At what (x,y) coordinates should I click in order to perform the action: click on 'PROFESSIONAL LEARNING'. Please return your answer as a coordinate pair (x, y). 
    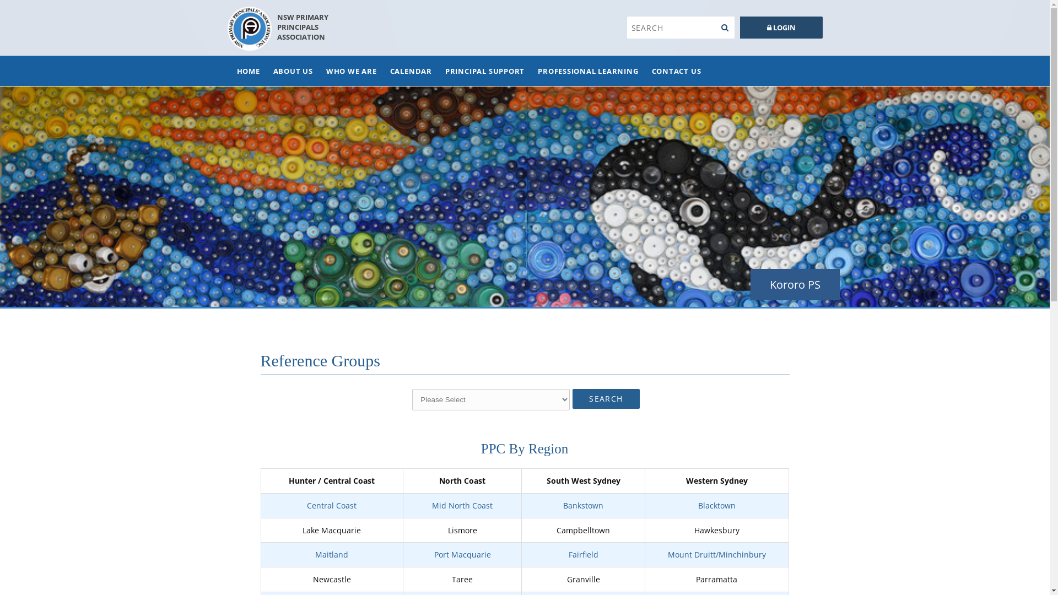
    Looking at the image, I should click on (587, 71).